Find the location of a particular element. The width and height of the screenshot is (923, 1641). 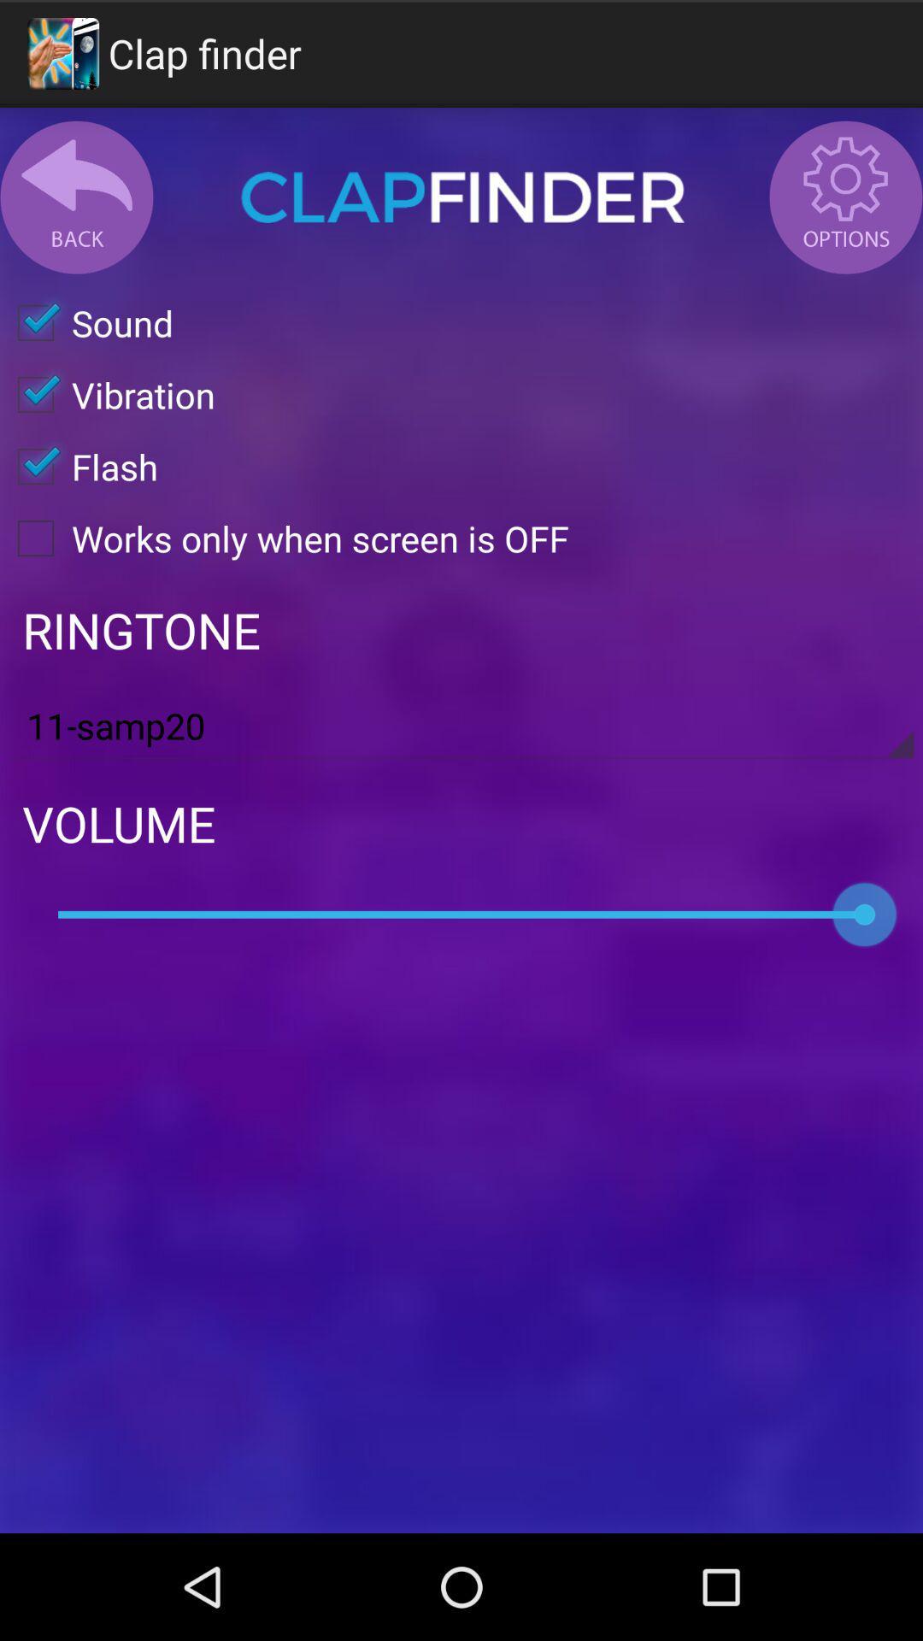

vibration checkbox is located at coordinates (108, 393).